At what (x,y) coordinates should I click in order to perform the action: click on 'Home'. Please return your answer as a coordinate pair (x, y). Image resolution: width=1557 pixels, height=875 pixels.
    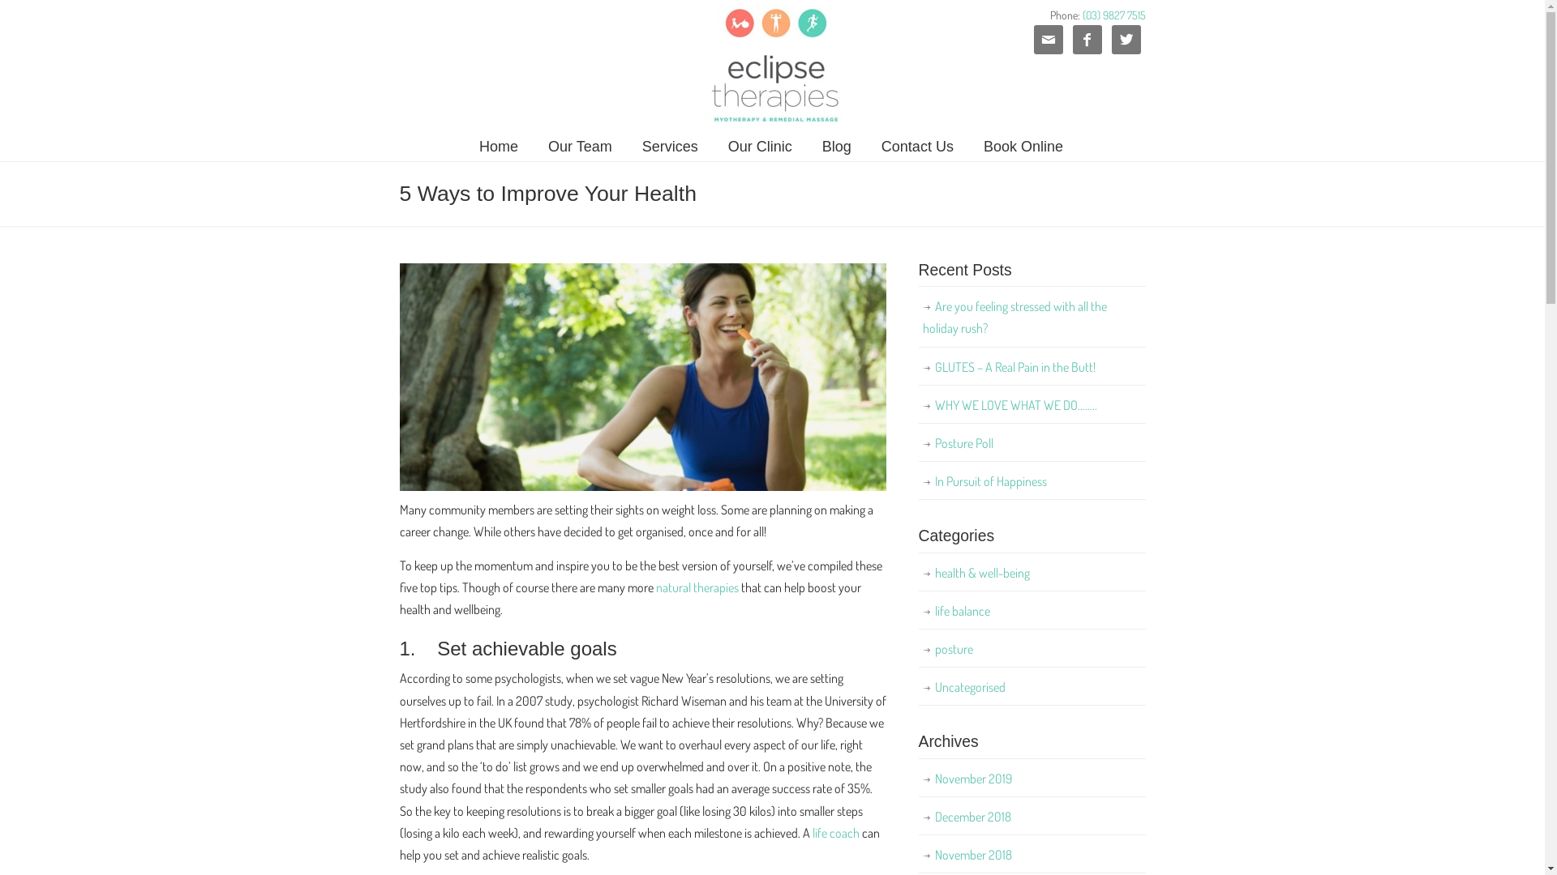
    Looking at the image, I should click on (497, 147).